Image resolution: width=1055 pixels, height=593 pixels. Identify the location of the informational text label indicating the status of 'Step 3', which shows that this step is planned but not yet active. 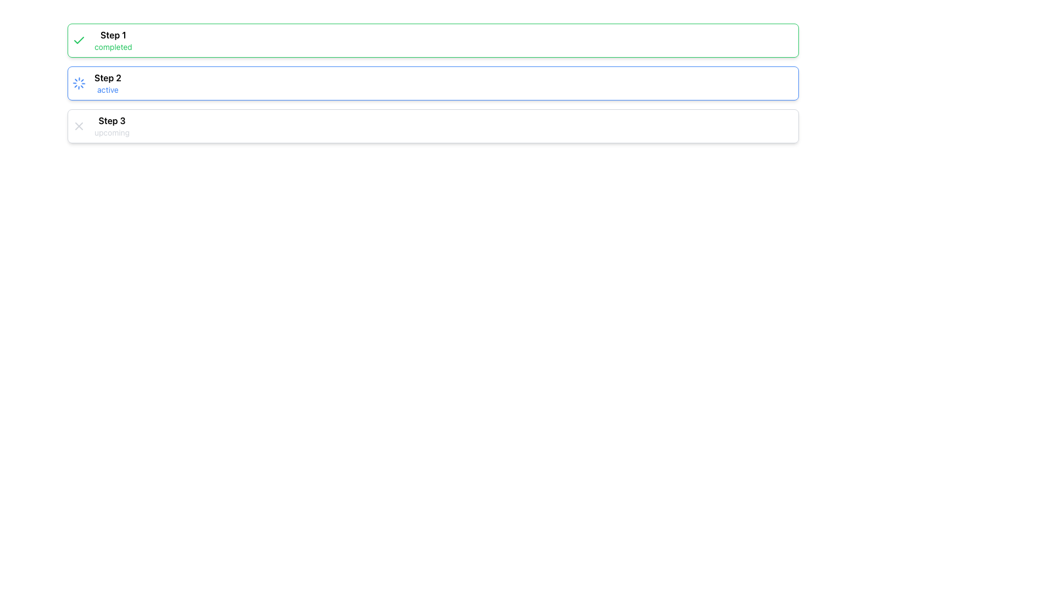
(112, 132).